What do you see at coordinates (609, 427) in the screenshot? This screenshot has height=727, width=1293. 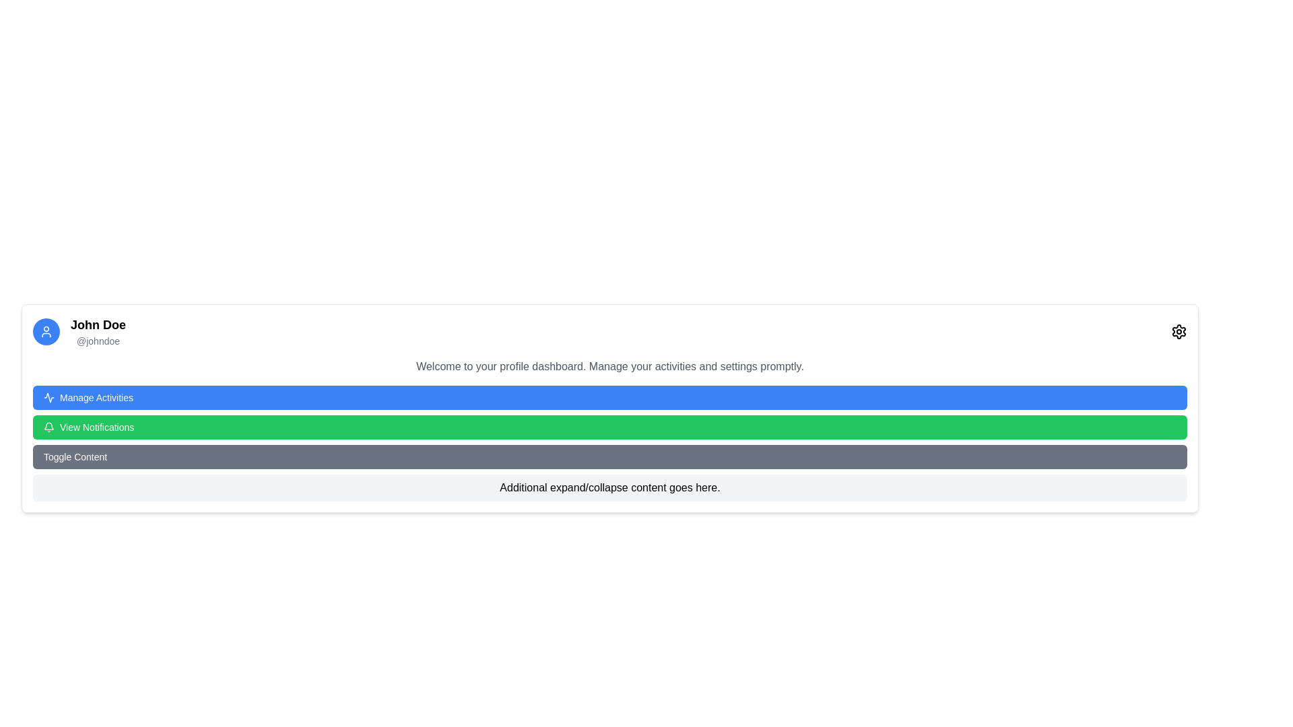 I see `the notifications button located second from the top in a vertical stack of buttons, situated between the 'Manage Activities' button above and the 'Toggle Content' button below` at bounding box center [609, 427].